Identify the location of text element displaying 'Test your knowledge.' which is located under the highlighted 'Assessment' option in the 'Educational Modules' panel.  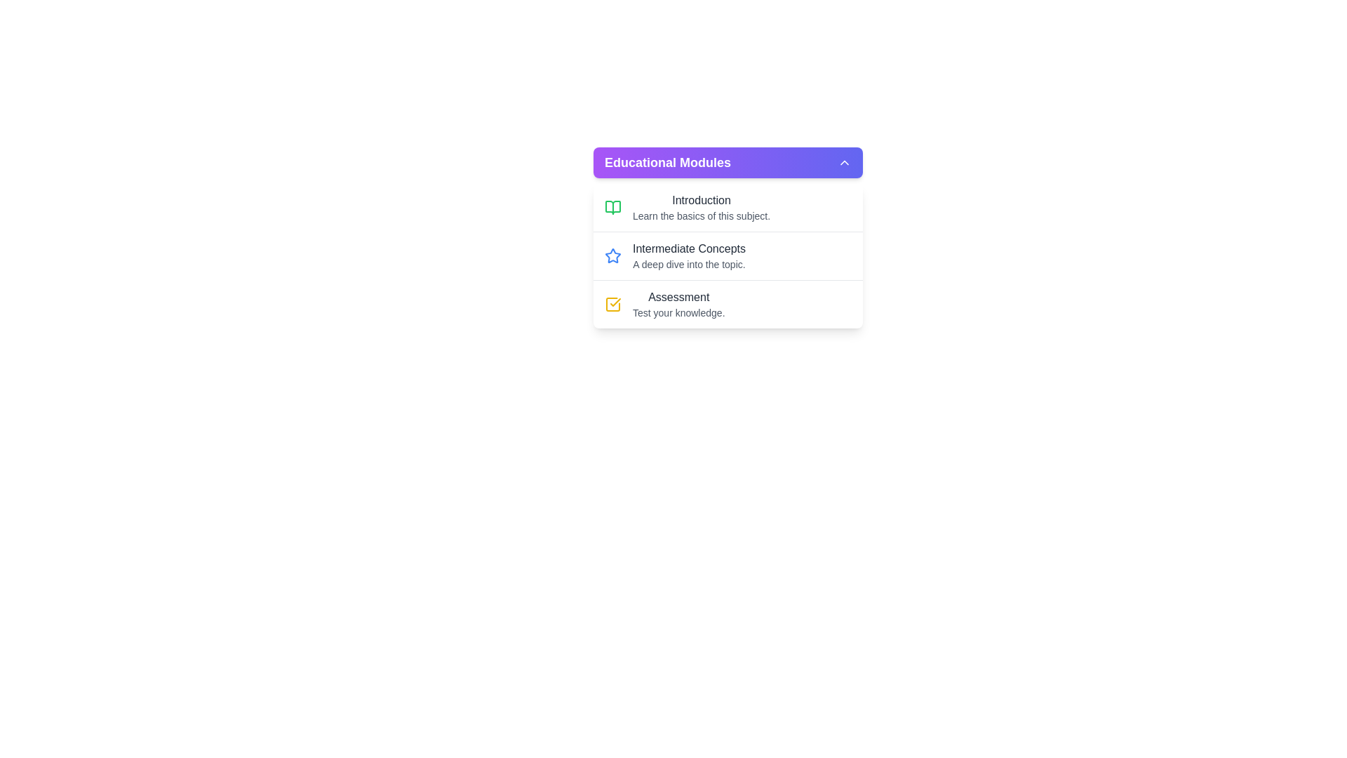
(678, 312).